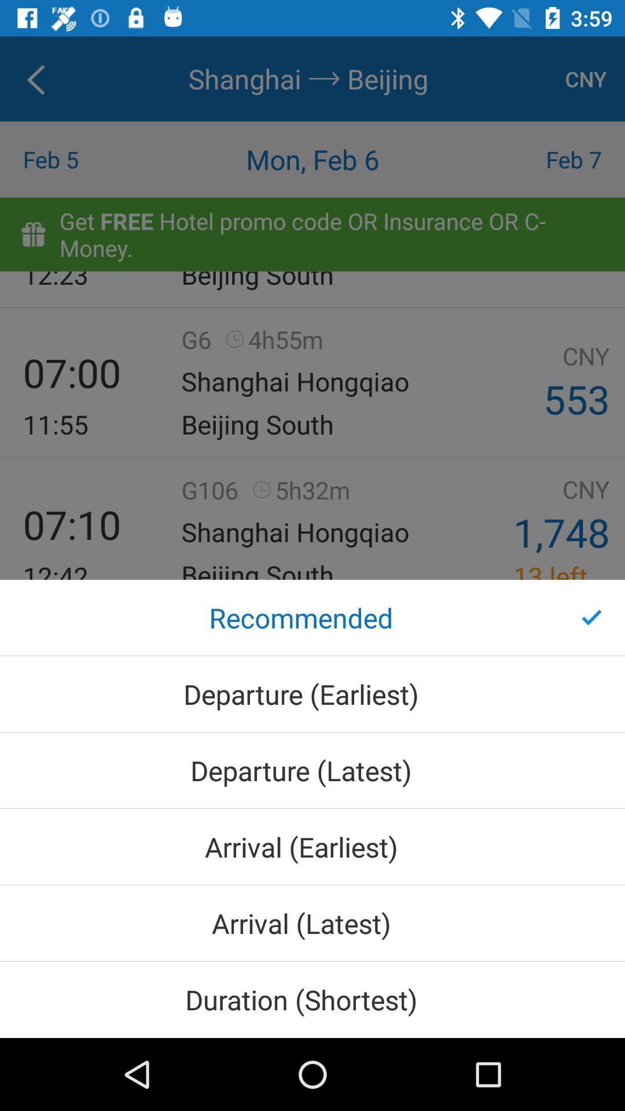 The height and width of the screenshot is (1111, 625). Describe the element at coordinates (312, 694) in the screenshot. I see `departure (earliest) icon` at that location.